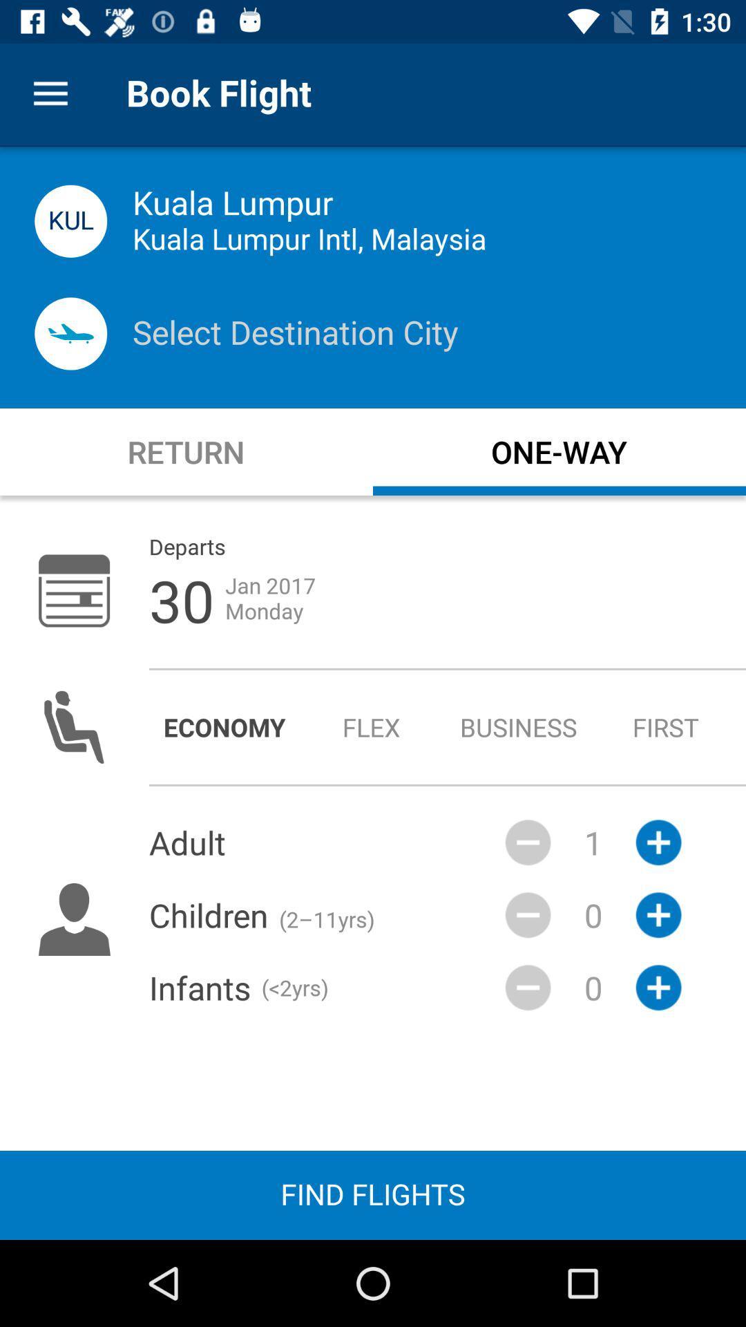 This screenshot has width=746, height=1327. I want to click on item next to the business radio button, so click(665, 726).